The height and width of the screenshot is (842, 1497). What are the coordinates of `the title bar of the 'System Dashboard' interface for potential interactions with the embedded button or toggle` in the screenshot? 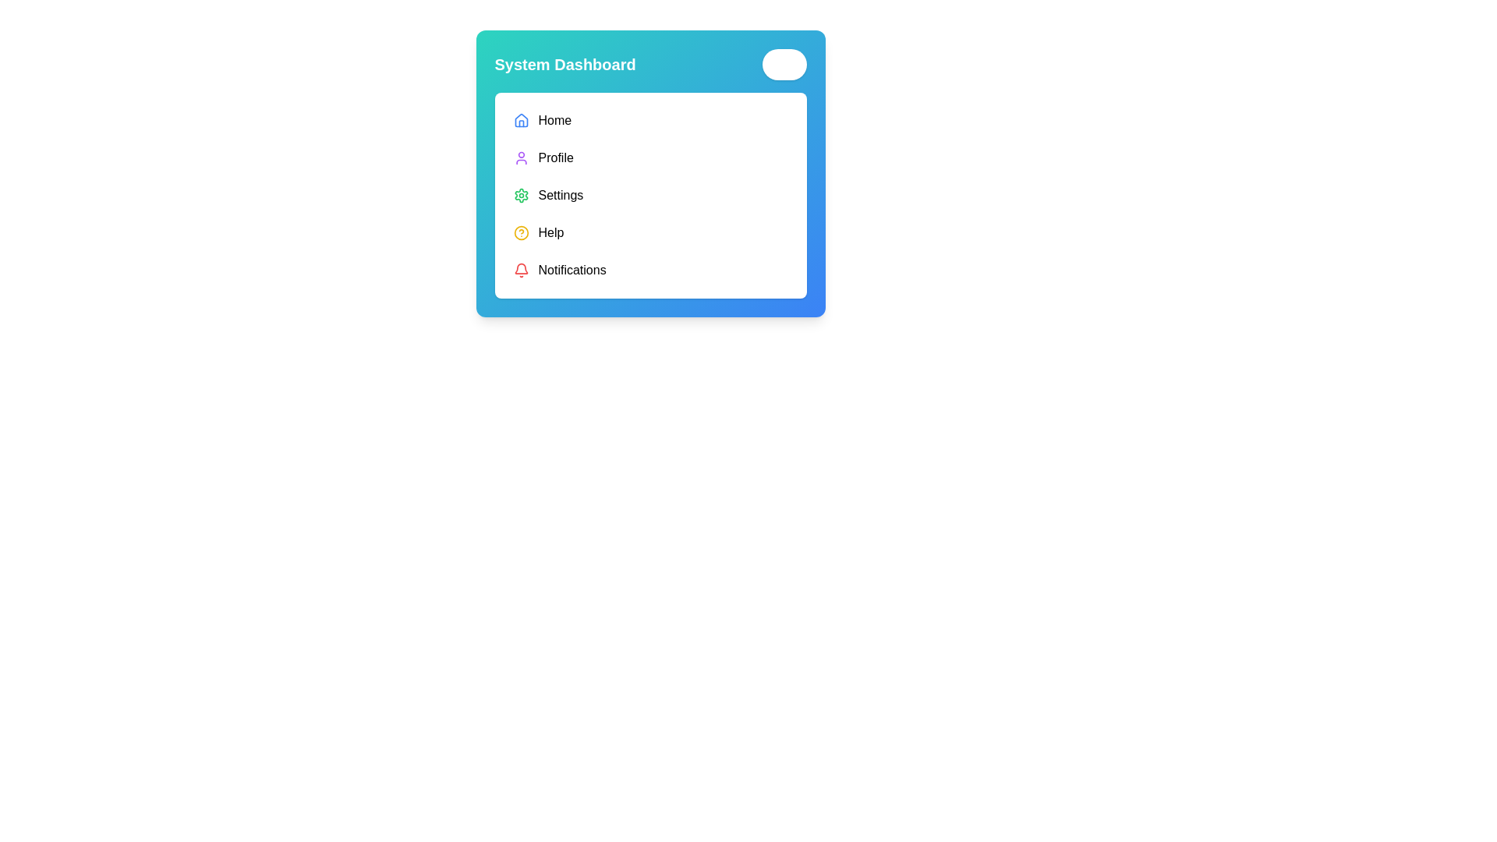 It's located at (650, 64).